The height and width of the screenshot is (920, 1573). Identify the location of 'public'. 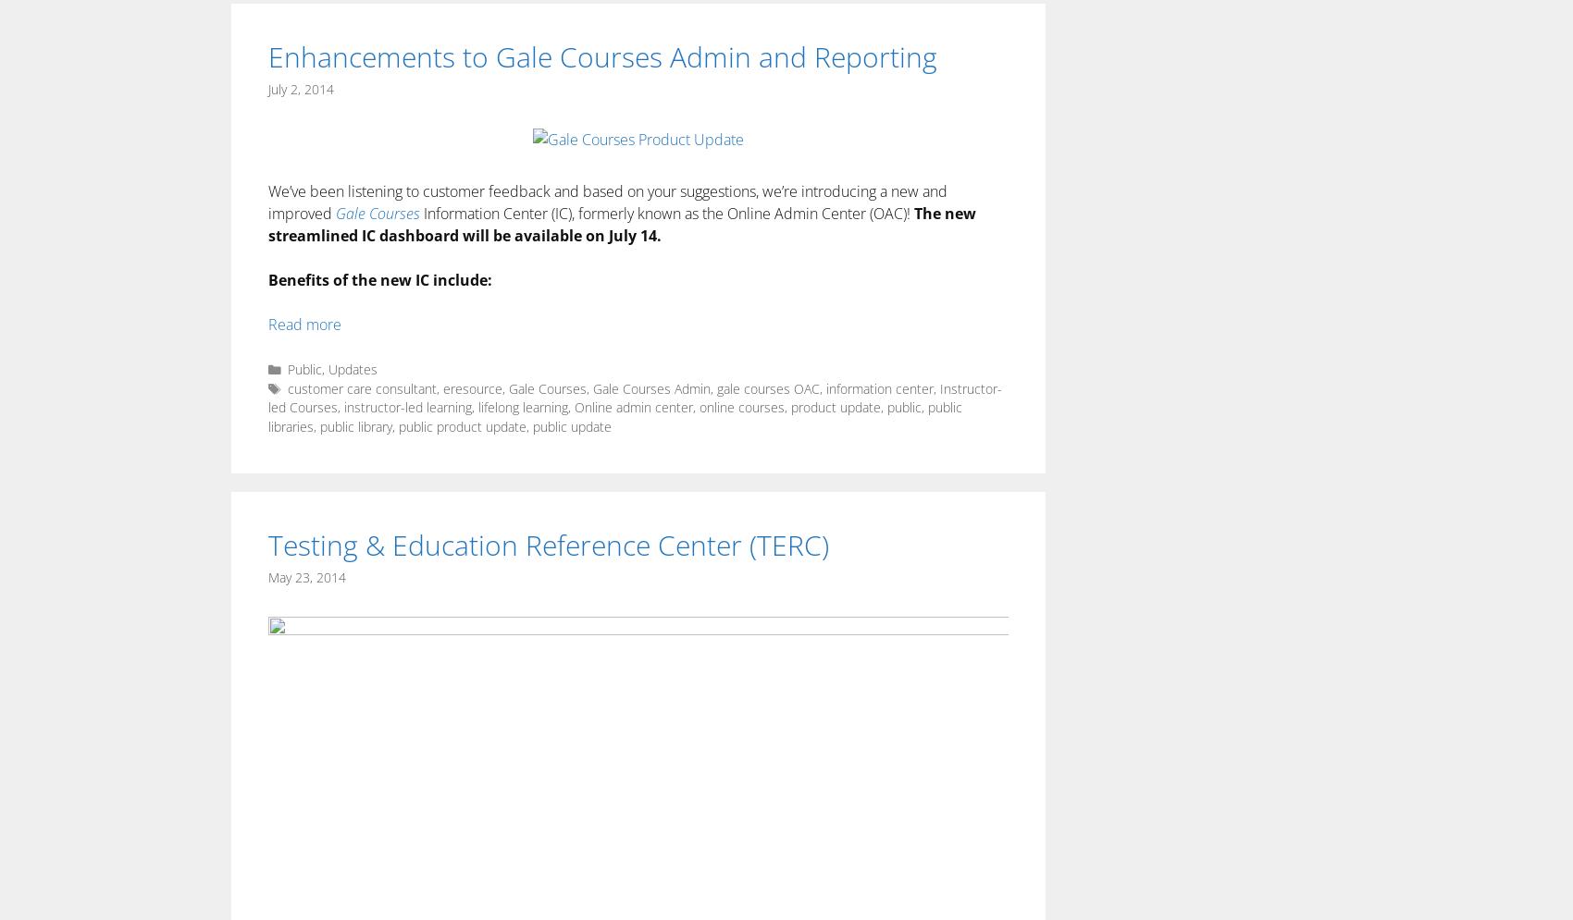
(903, 406).